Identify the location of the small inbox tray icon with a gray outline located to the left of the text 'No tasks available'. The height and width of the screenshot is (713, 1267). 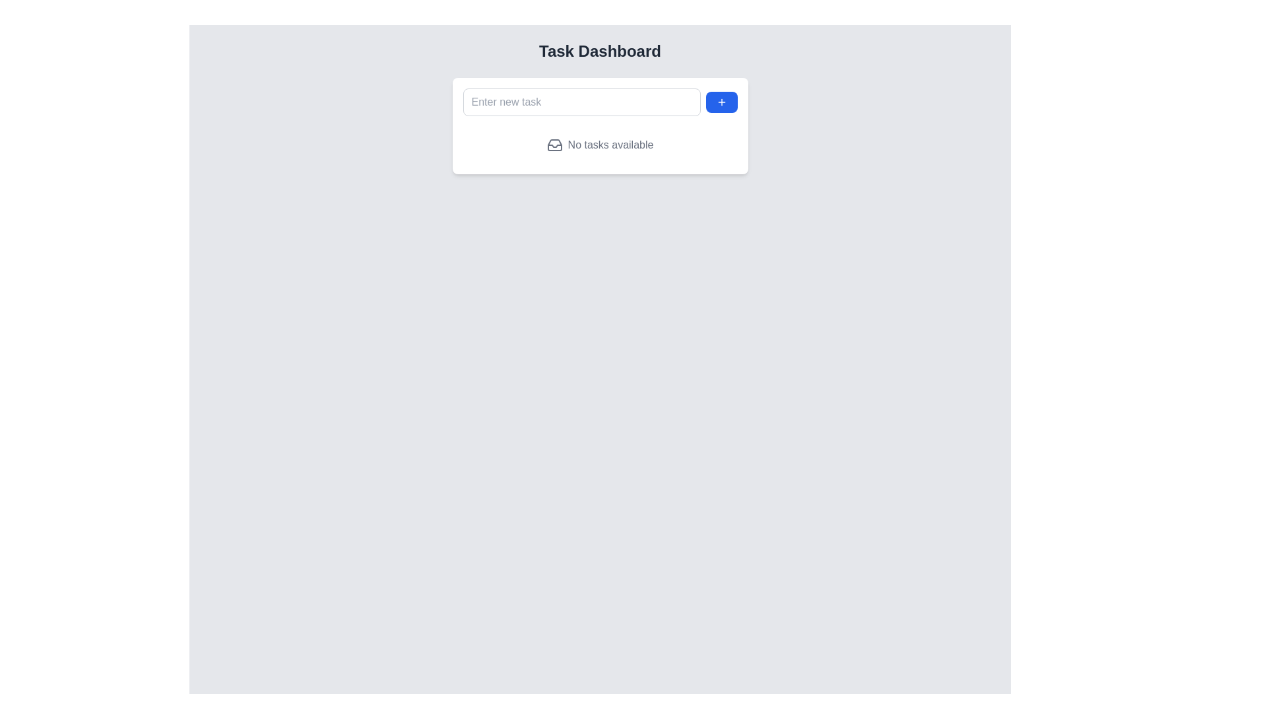
(554, 145).